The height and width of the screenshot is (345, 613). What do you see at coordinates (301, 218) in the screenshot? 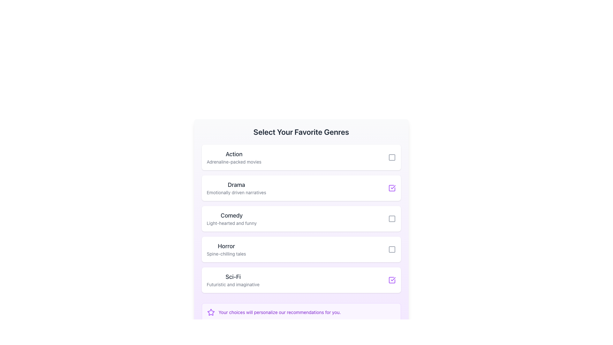
I see `on the checkbox for the 'Comedy' genre in the selectable list` at bounding box center [301, 218].